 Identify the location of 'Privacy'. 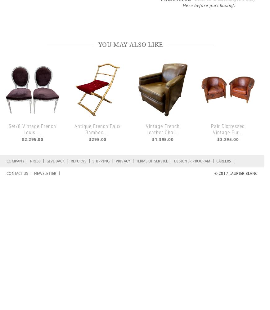
(124, 161).